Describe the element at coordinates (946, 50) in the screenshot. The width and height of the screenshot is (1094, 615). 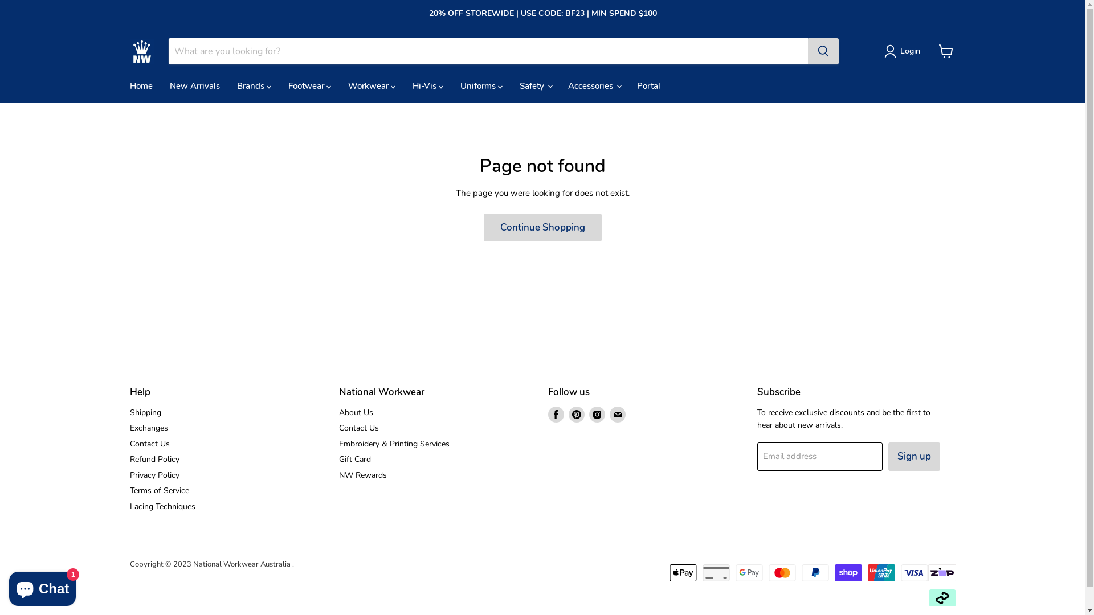
I see `'View cart'` at that location.